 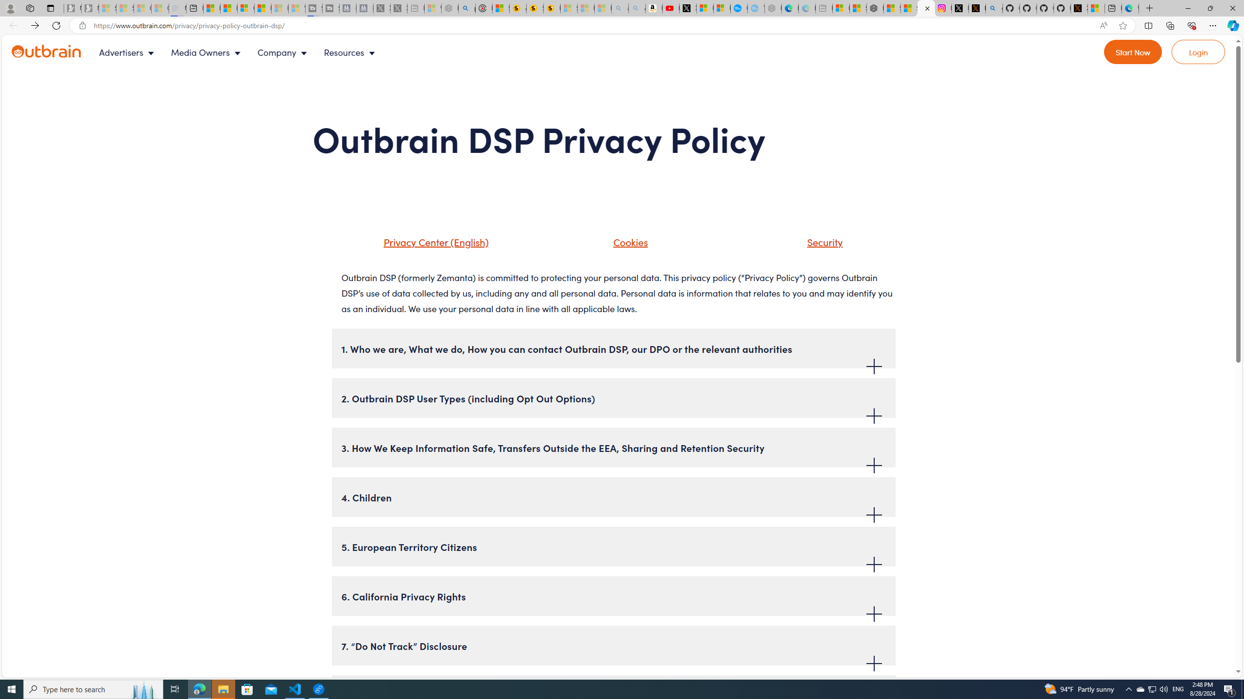 I want to click on 'Cookies', so click(x=618, y=245).